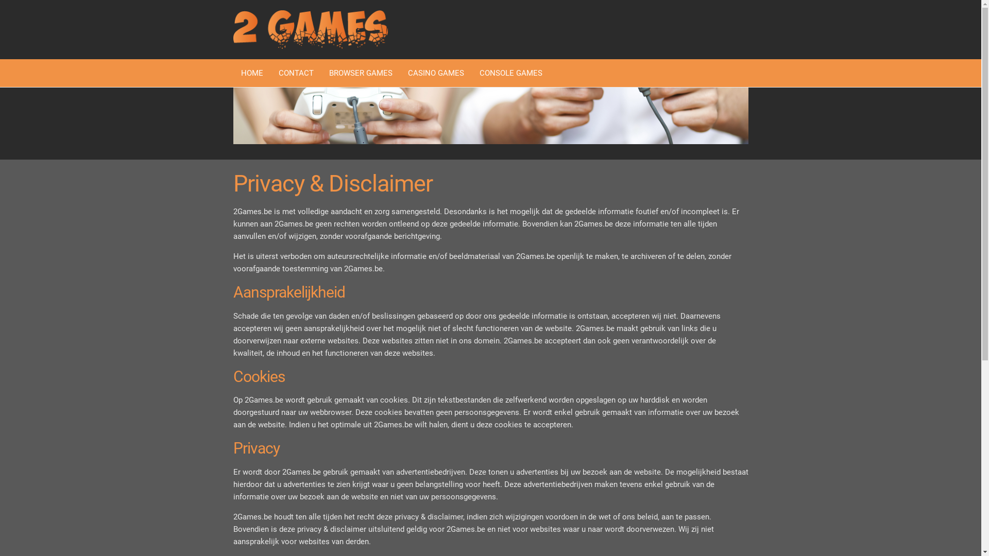 The image size is (989, 556). What do you see at coordinates (296, 73) in the screenshot?
I see `'CONTACT'` at bounding box center [296, 73].